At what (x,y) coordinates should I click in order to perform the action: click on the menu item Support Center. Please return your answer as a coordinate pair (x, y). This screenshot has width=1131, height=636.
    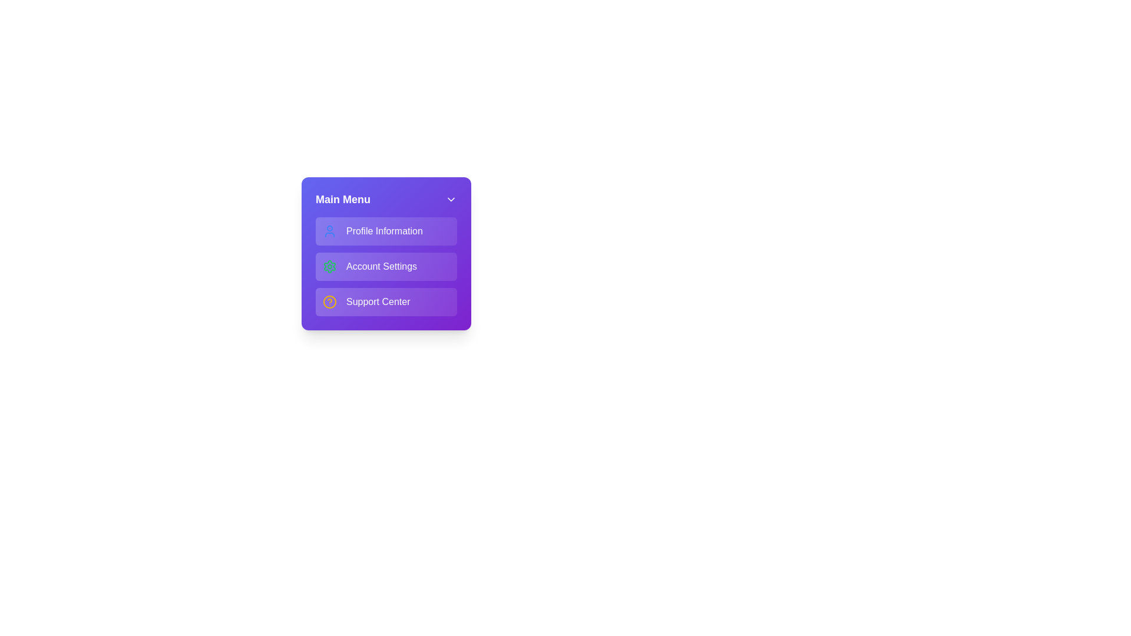
    Looking at the image, I should click on (386, 302).